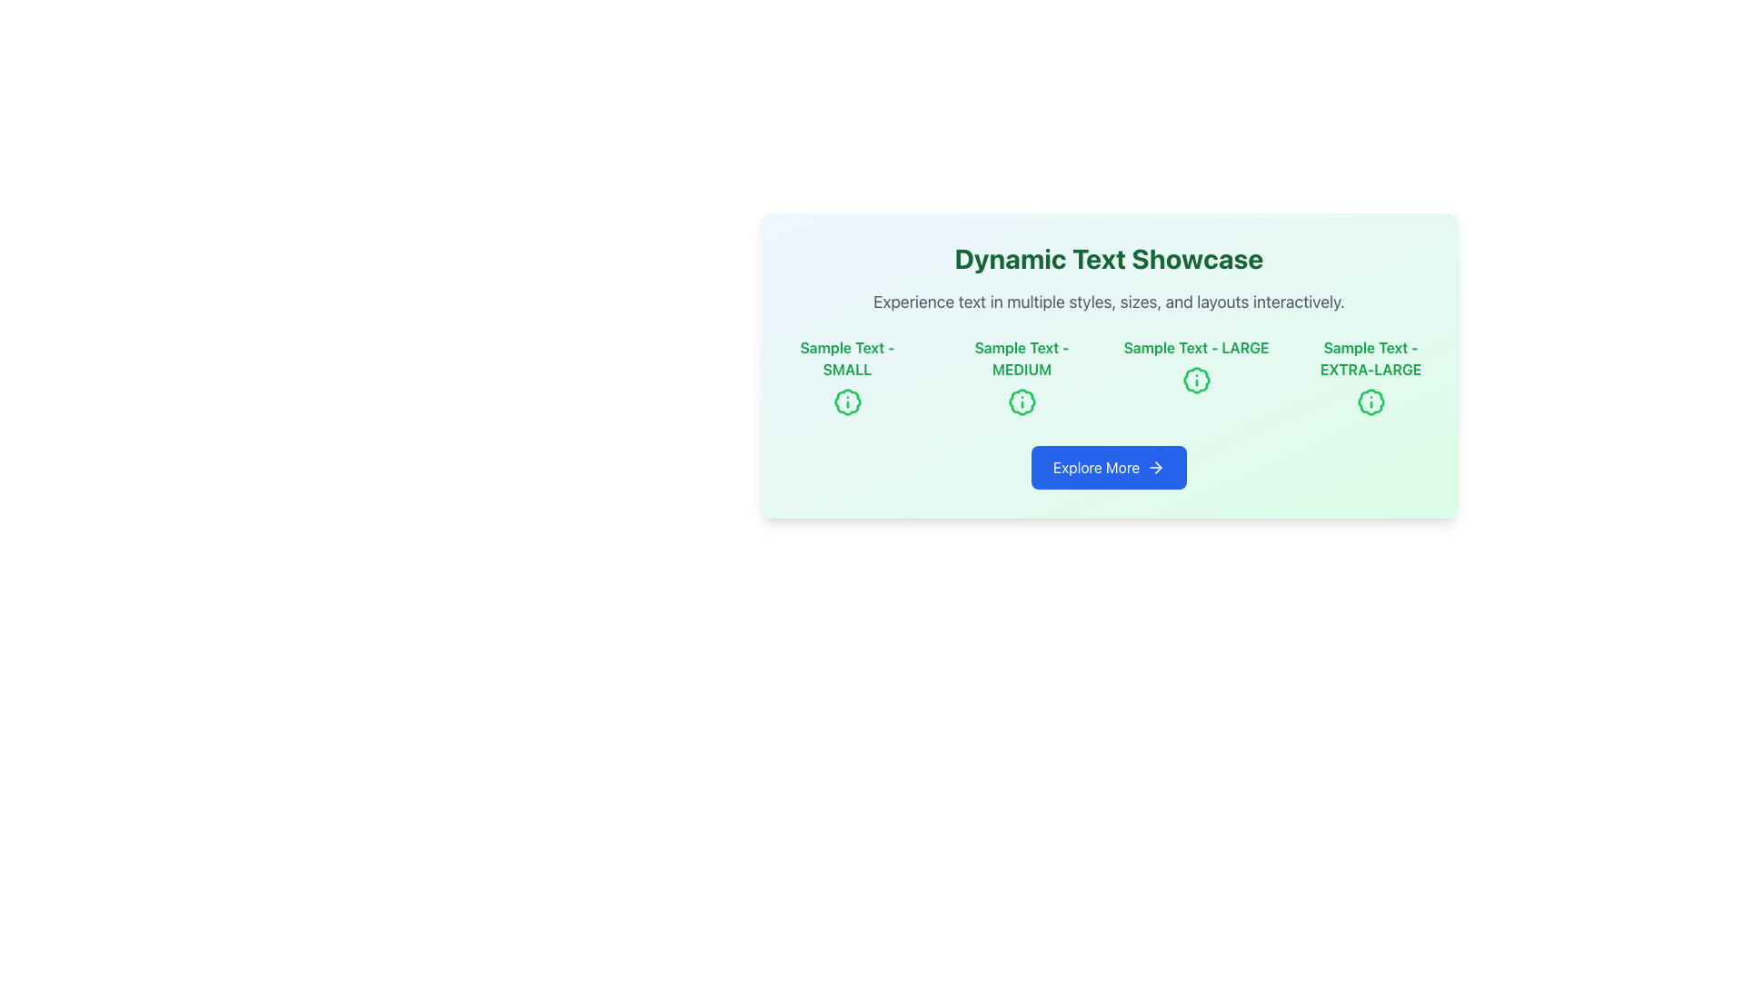  I want to click on the icon representing the category labeled 'LARGE', which is the third element in a row of four within a grid structure, positioned between 'Sample Text - MEDIUM' and 'Sample Text - EXTRA-LARGE', so click(1196, 376).